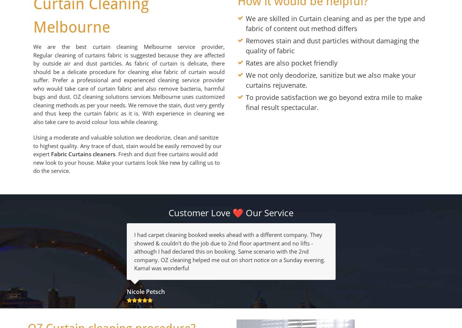 This screenshot has height=328, width=462. I want to click on 'We not only deodorize, sanitize but we also make your curtains rejuvenate.', so click(331, 80).